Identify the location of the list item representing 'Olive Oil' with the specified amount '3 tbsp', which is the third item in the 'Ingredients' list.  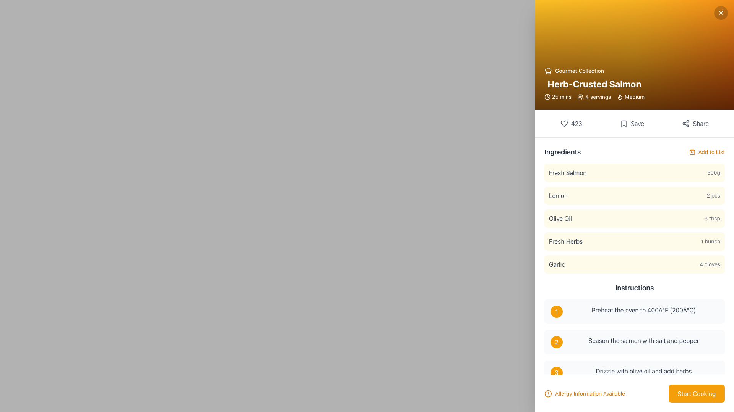
(635, 219).